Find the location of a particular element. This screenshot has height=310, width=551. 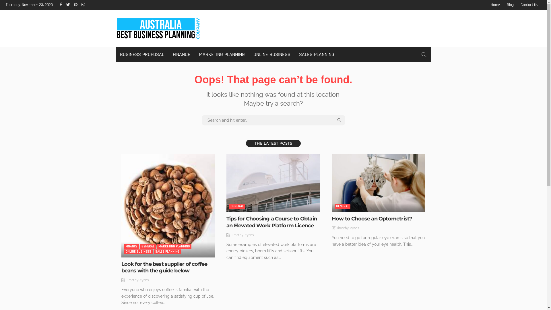

'Contact Us' is located at coordinates (529, 5).